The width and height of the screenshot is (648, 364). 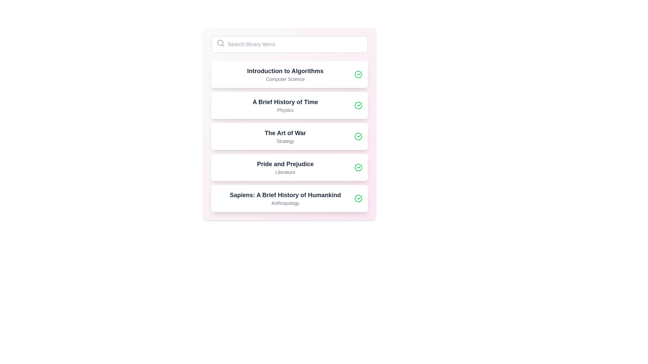 I want to click on the checkmark icon element indicating completion status for 'The Art of War' in the Strategy category list view, so click(x=359, y=135).